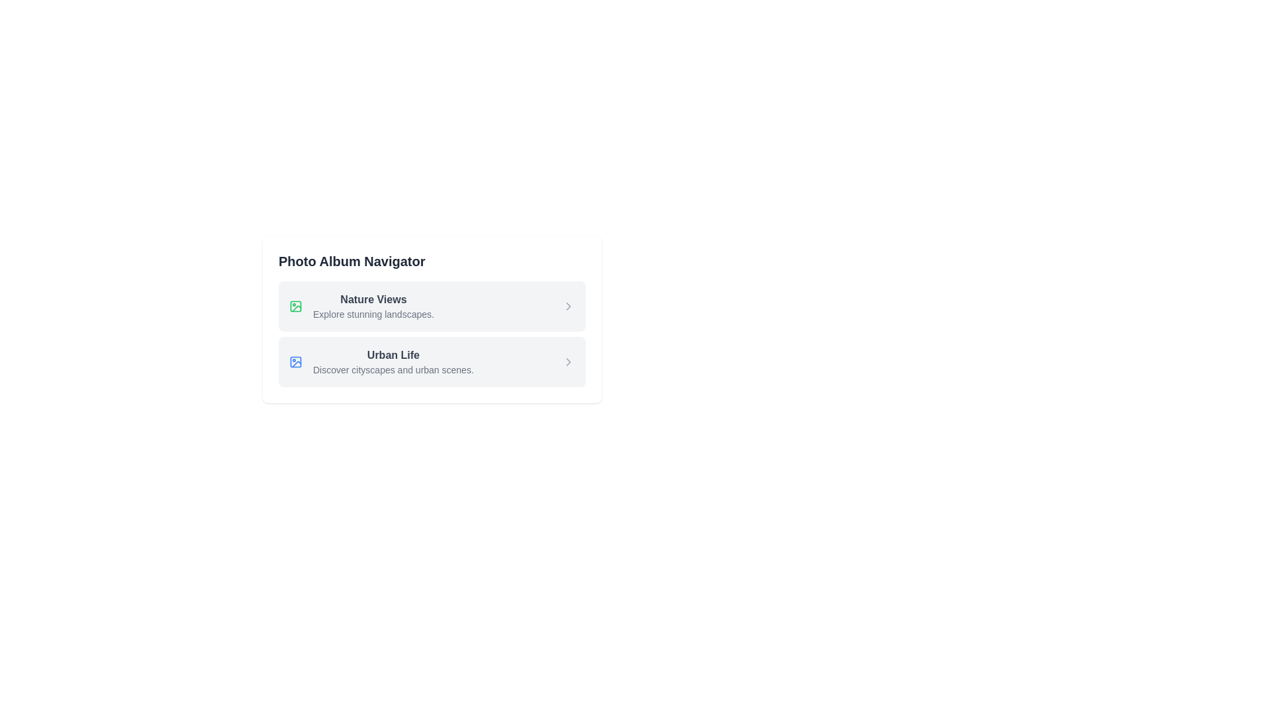 This screenshot has width=1271, height=715. Describe the element at coordinates (381, 362) in the screenshot. I see `the navigation link for 'Urban Life' located in the second row of the vertical list, below 'Nature Views'` at that location.